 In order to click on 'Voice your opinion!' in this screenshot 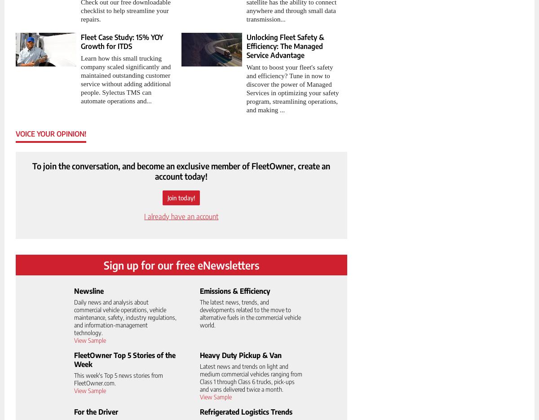, I will do `click(51, 133)`.